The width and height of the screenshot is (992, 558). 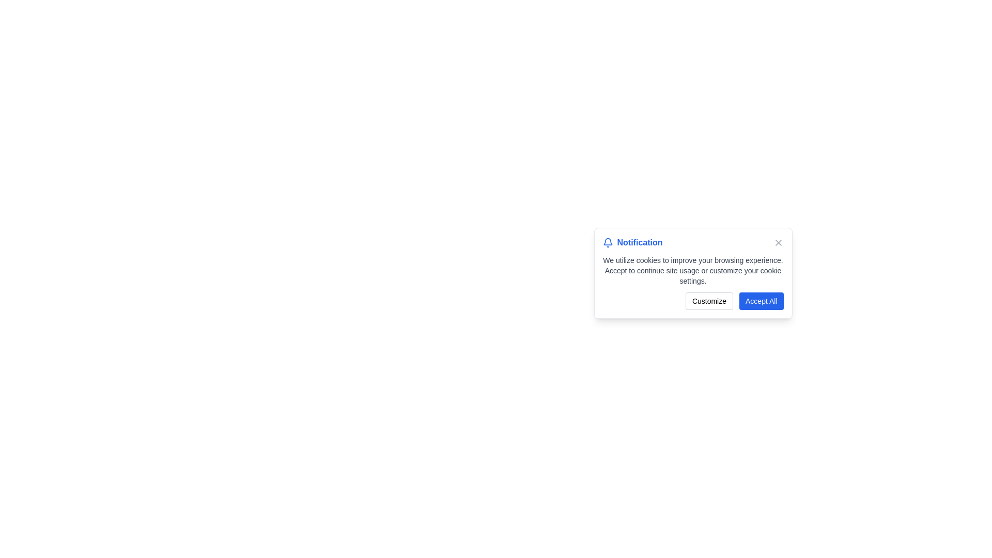 What do you see at coordinates (639, 243) in the screenshot?
I see `the 'Notification' text label located at the top of the notification dialog, following the bell icon` at bounding box center [639, 243].